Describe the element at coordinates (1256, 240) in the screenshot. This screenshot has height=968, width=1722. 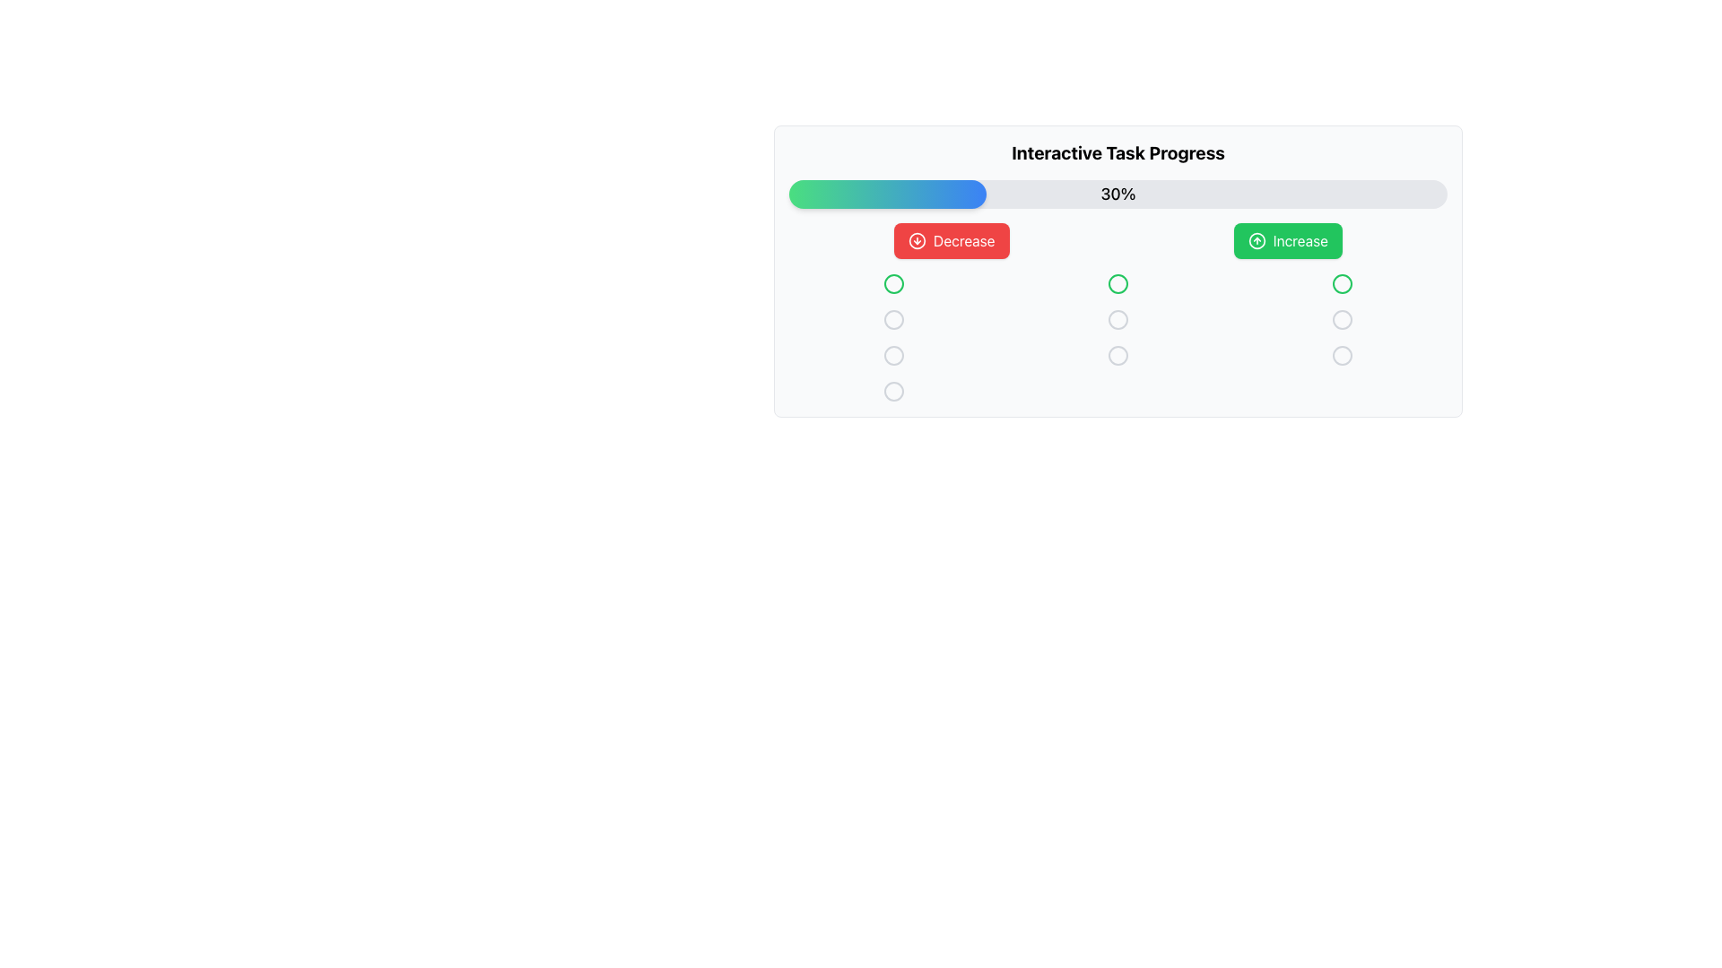
I see `the circular SVG element that is part of the 'Increase' button, styled as an arrow-circle-up design, located under the 'Interactive Task Progress' heading` at that location.